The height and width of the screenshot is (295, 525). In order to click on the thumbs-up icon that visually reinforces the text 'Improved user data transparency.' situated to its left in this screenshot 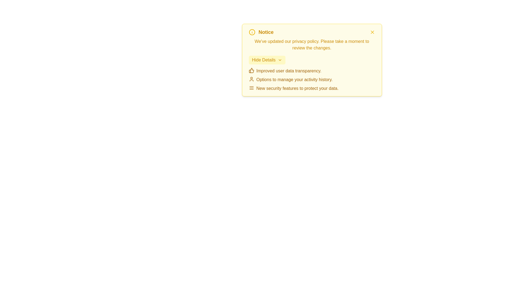, I will do `click(251, 70)`.